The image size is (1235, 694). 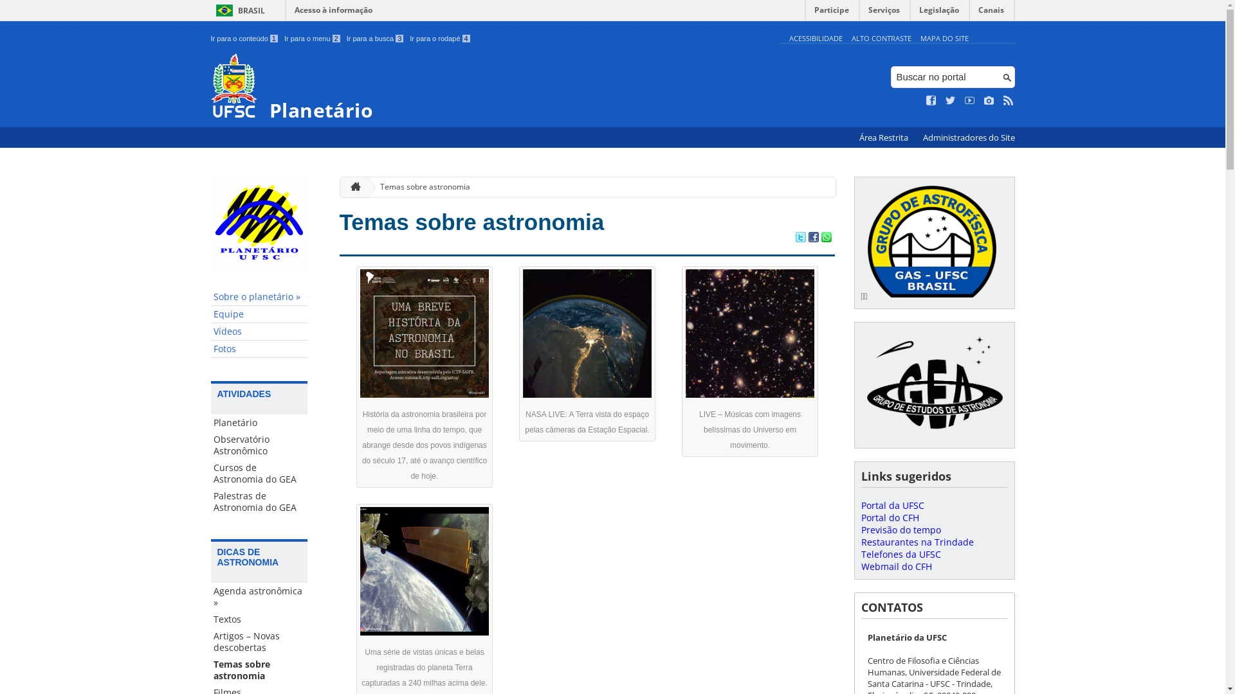 What do you see at coordinates (931, 100) in the screenshot?
I see `'Curta no Facebook'` at bounding box center [931, 100].